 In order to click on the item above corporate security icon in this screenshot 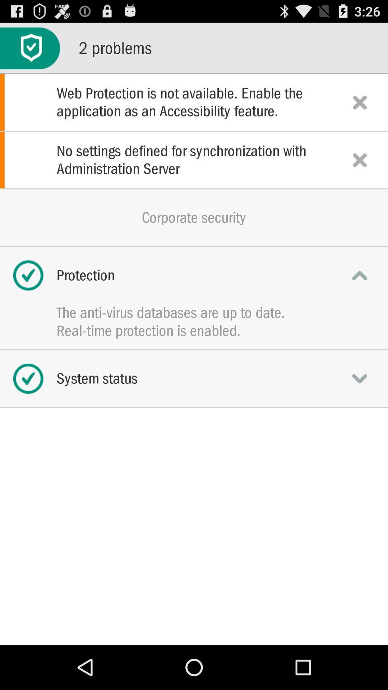, I will do `click(194, 160)`.